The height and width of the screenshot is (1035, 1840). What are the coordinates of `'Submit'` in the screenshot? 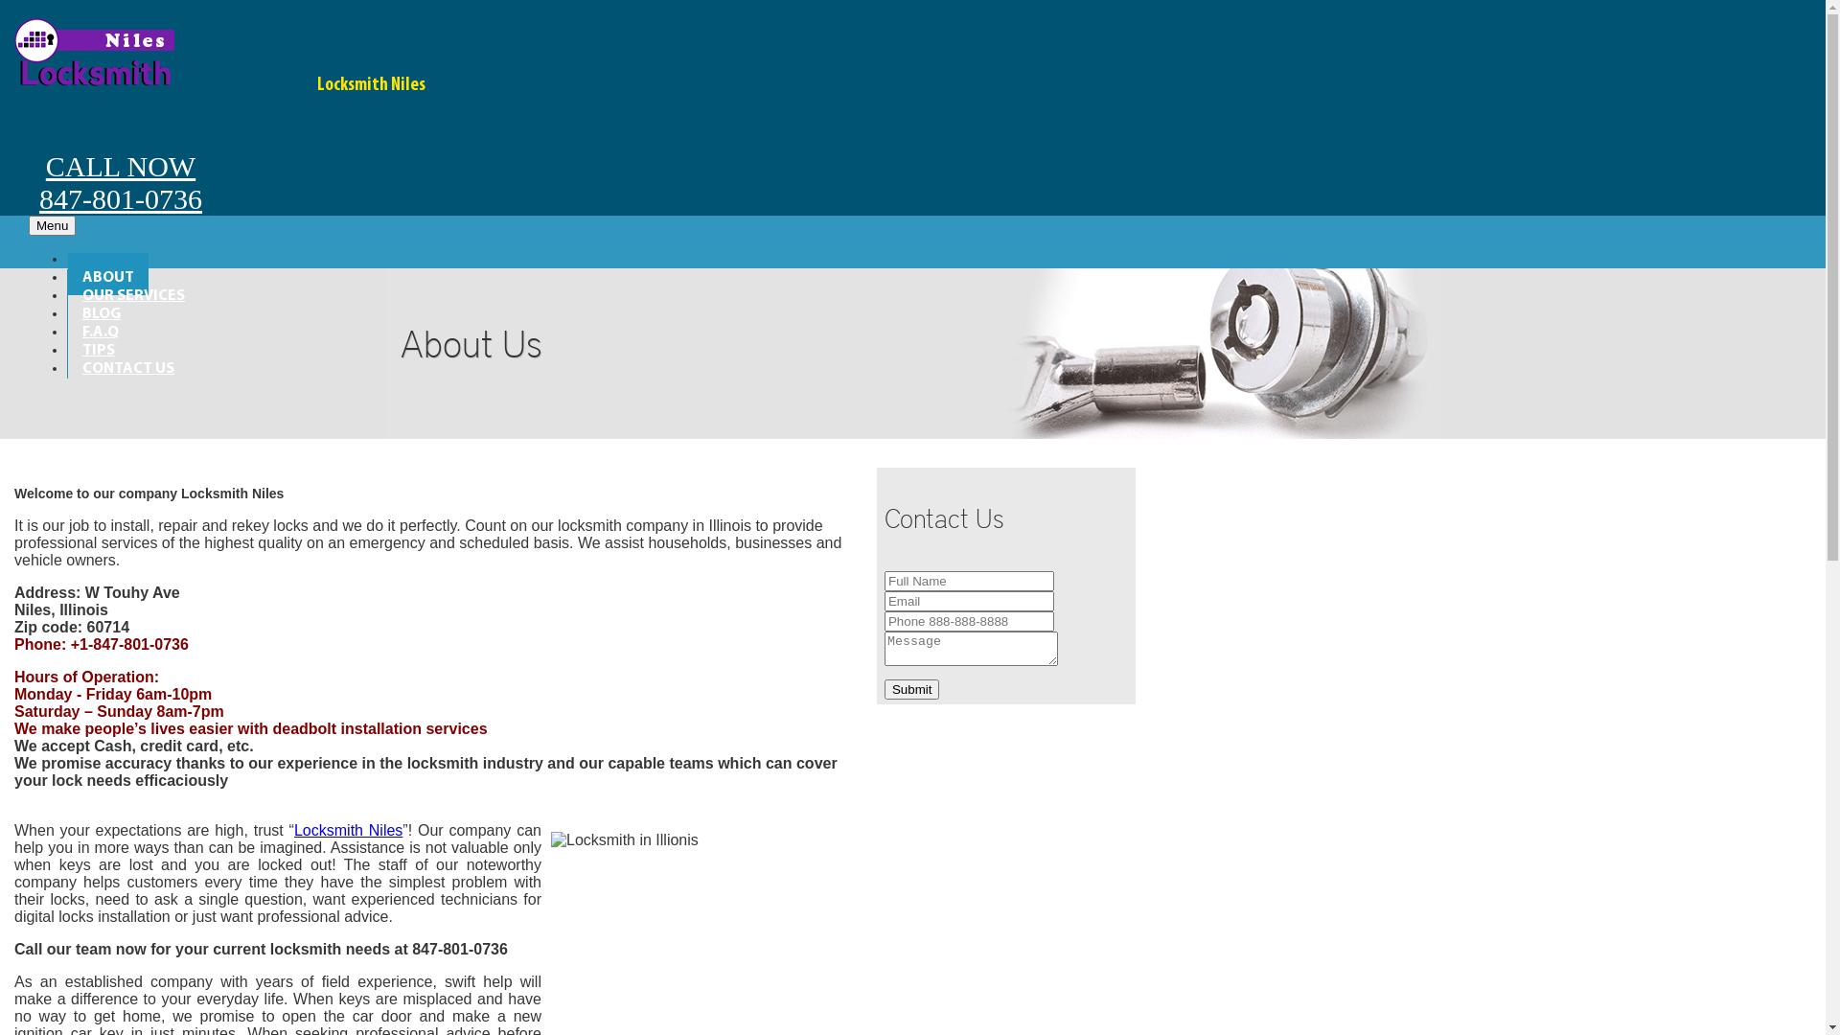 It's located at (883, 688).